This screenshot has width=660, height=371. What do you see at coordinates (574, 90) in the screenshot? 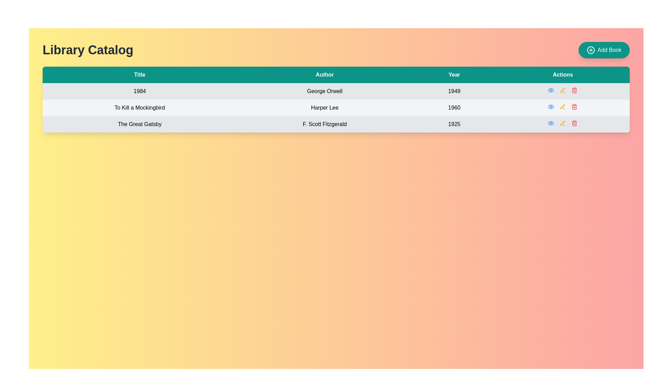
I see `the red trash bin icon in the 'Actions' column` at bounding box center [574, 90].